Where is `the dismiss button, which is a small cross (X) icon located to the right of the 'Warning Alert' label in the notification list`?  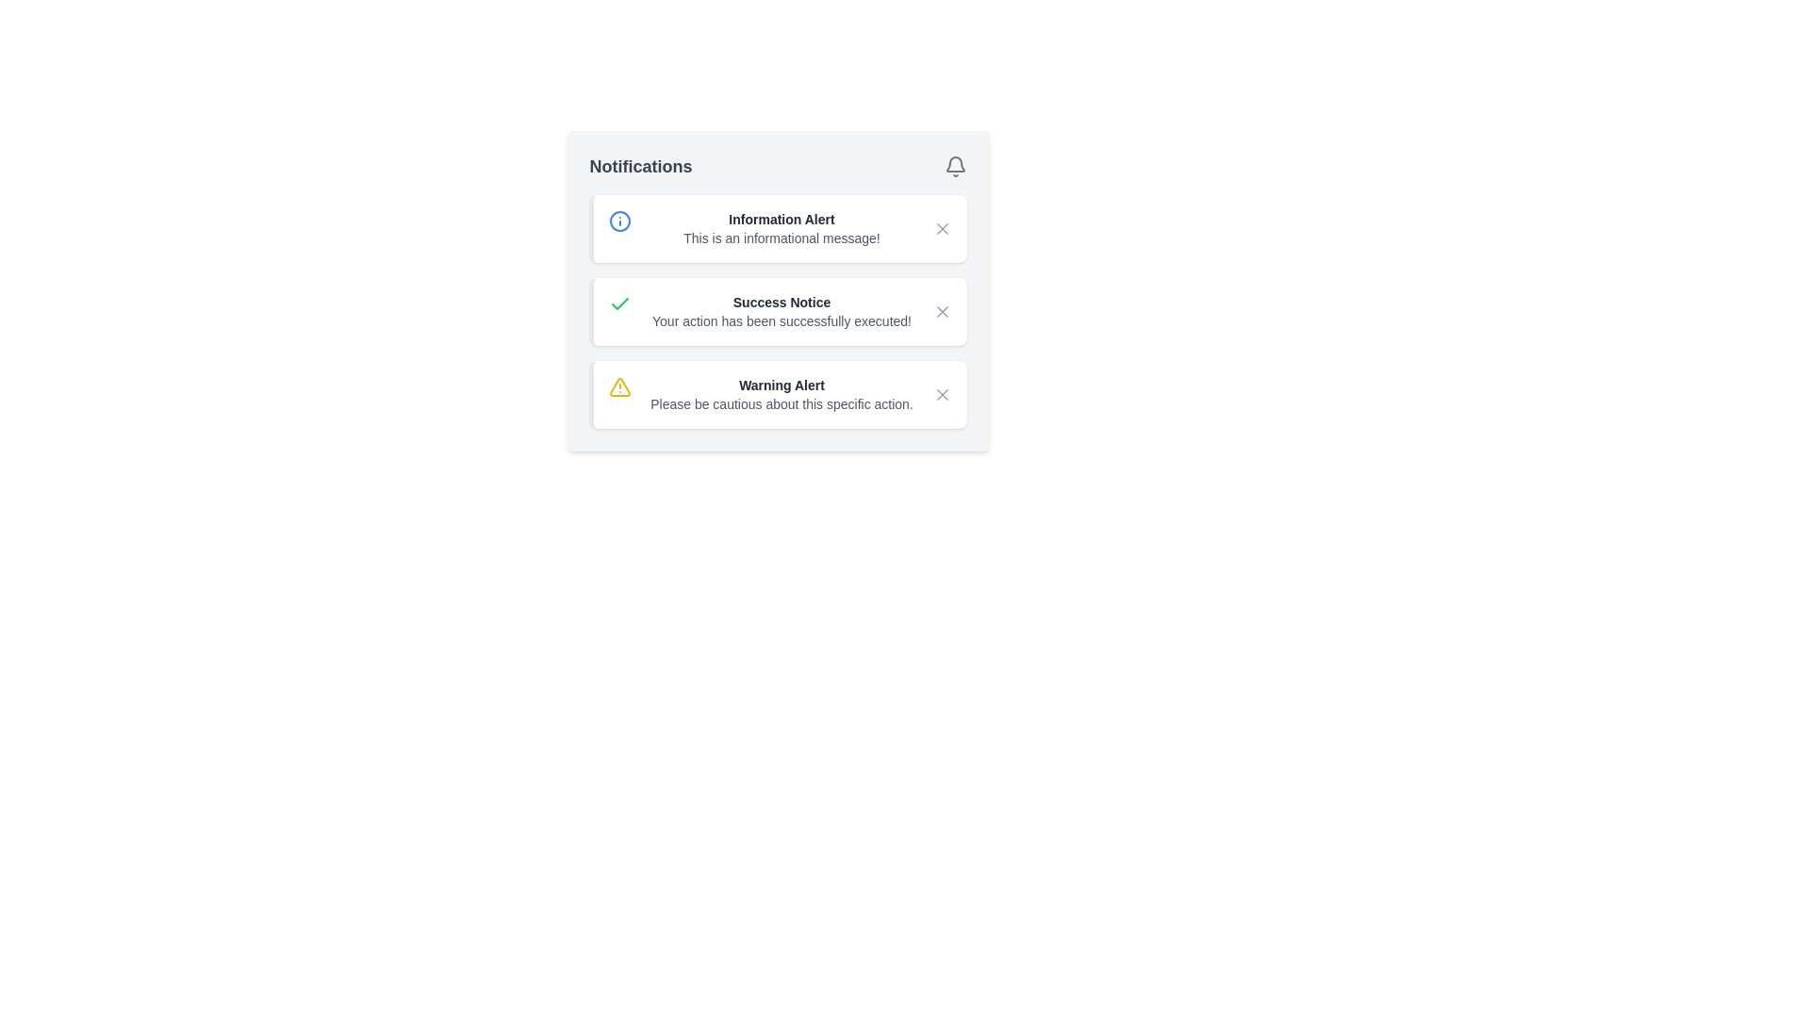 the dismiss button, which is a small cross (X) icon located to the right of the 'Warning Alert' label in the notification list is located at coordinates (942, 394).